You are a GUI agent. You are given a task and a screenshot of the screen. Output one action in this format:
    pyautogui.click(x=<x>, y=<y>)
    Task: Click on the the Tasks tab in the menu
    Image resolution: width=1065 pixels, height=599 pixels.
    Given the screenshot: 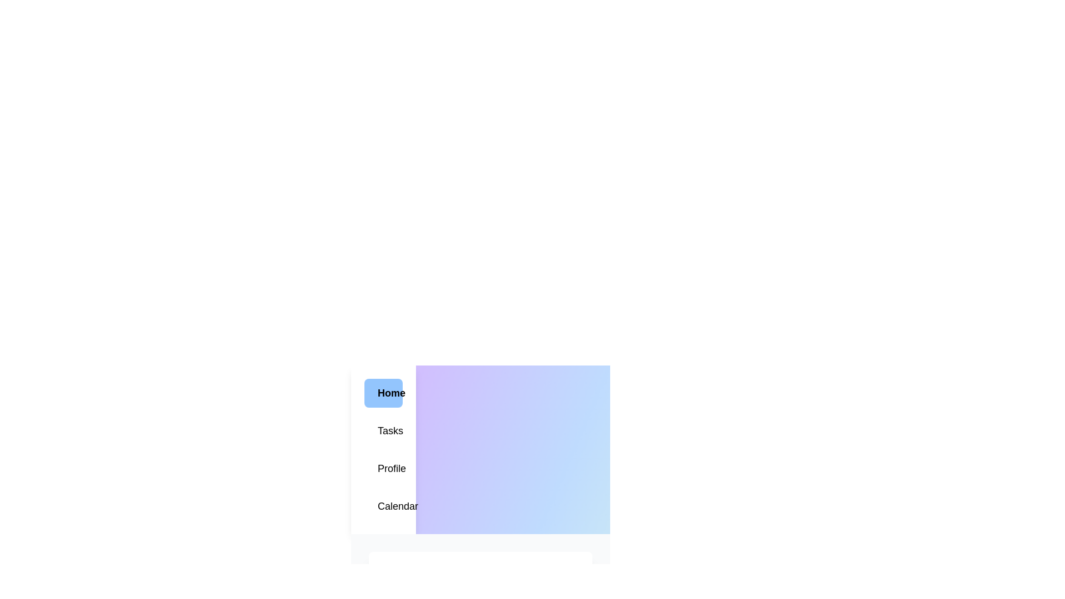 What is the action you would take?
    pyautogui.click(x=383, y=430)
    